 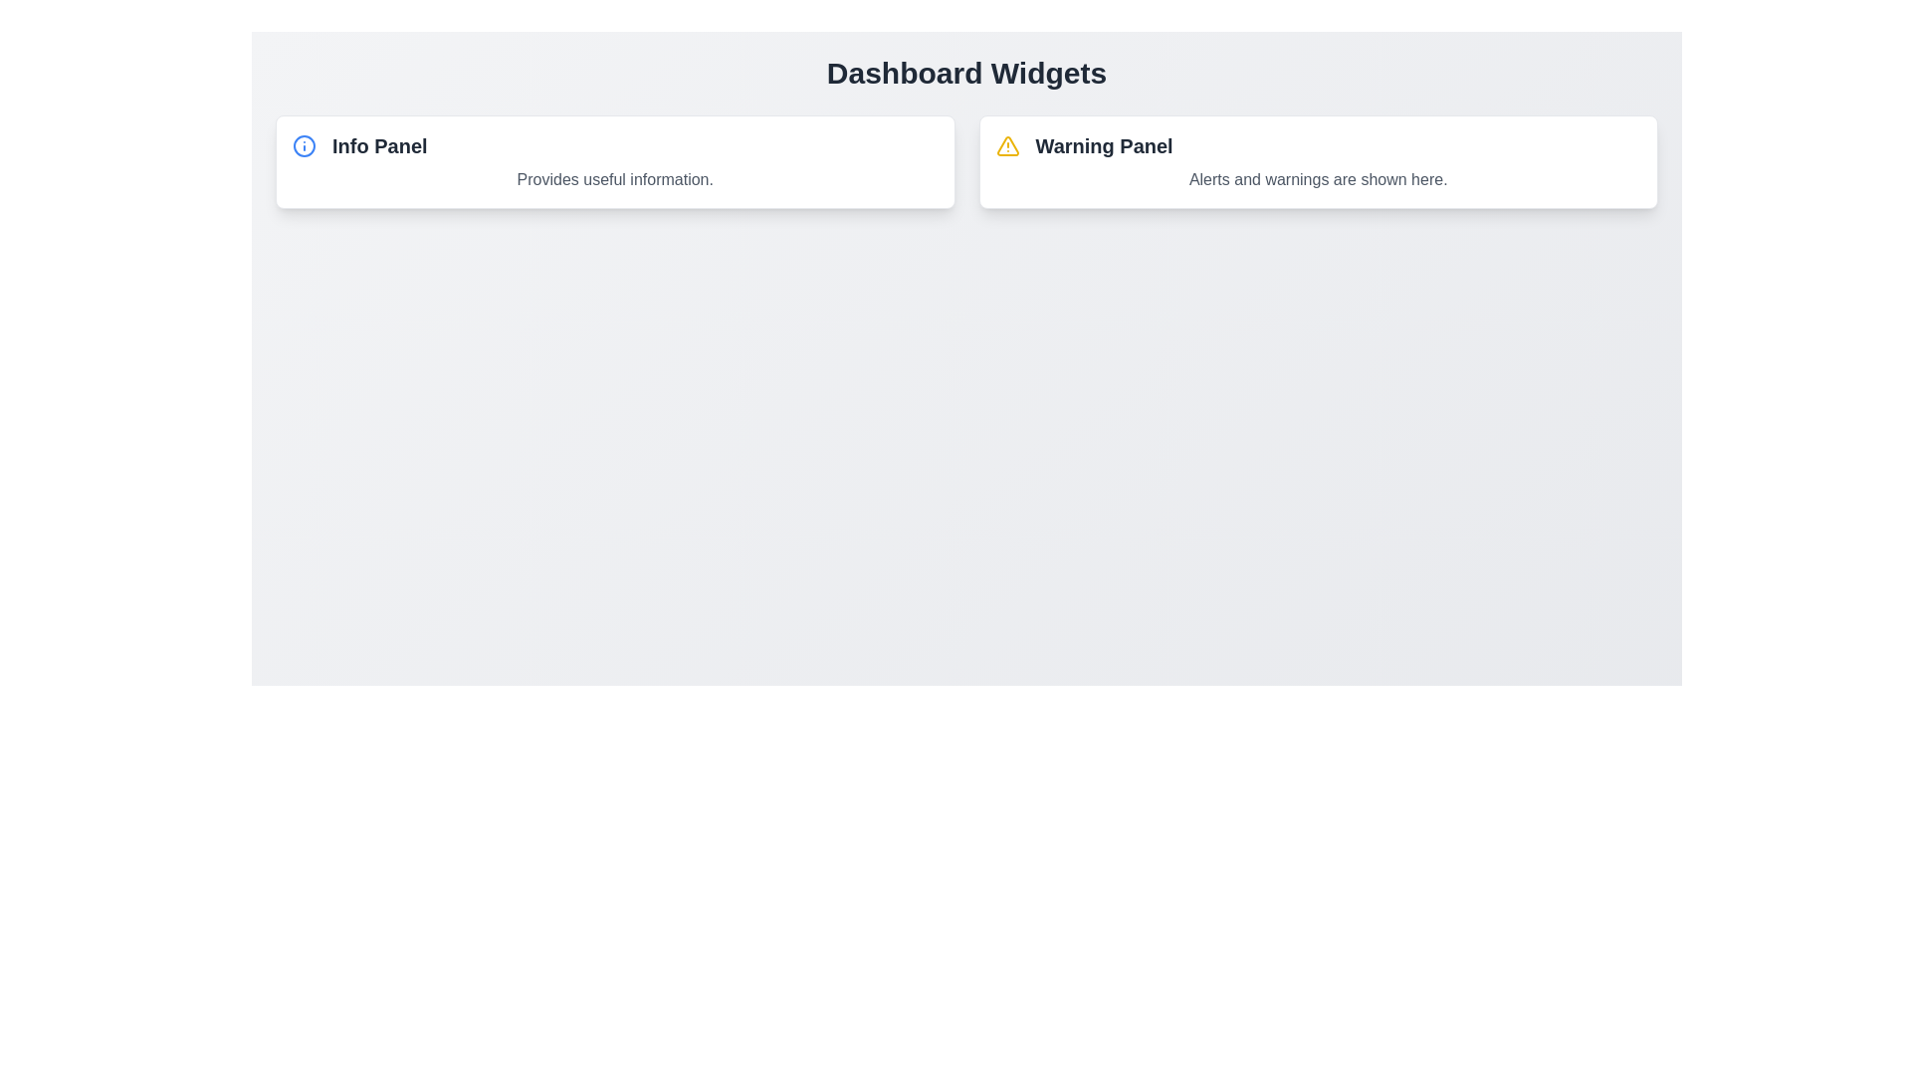 What do you see at coordinates (1007, 144) in the screenshot?
I see `the warning icon located in the 'Warning Panel' card, positioned to the left of the title text 'Warning Panel'` at bounding box center [1007, 144].